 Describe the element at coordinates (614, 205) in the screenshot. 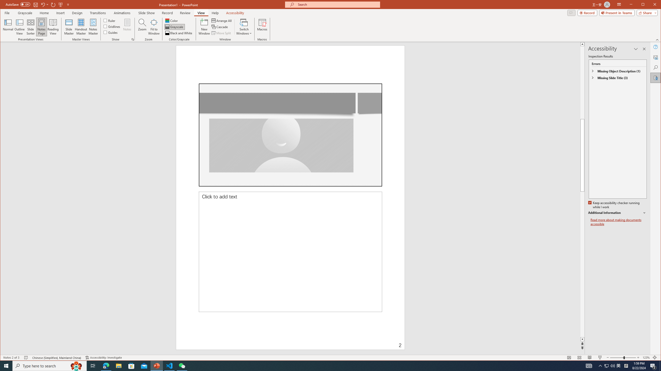

I see `'Keep accessibility checker running while I work'` at that location.